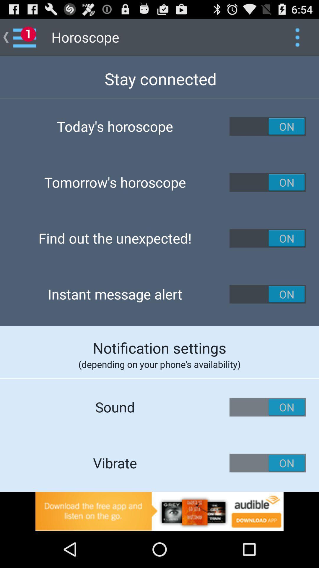  What do you see at coordinates (268, 294) in the screenshot?
I see `on button` at bounding box center [268, 294].